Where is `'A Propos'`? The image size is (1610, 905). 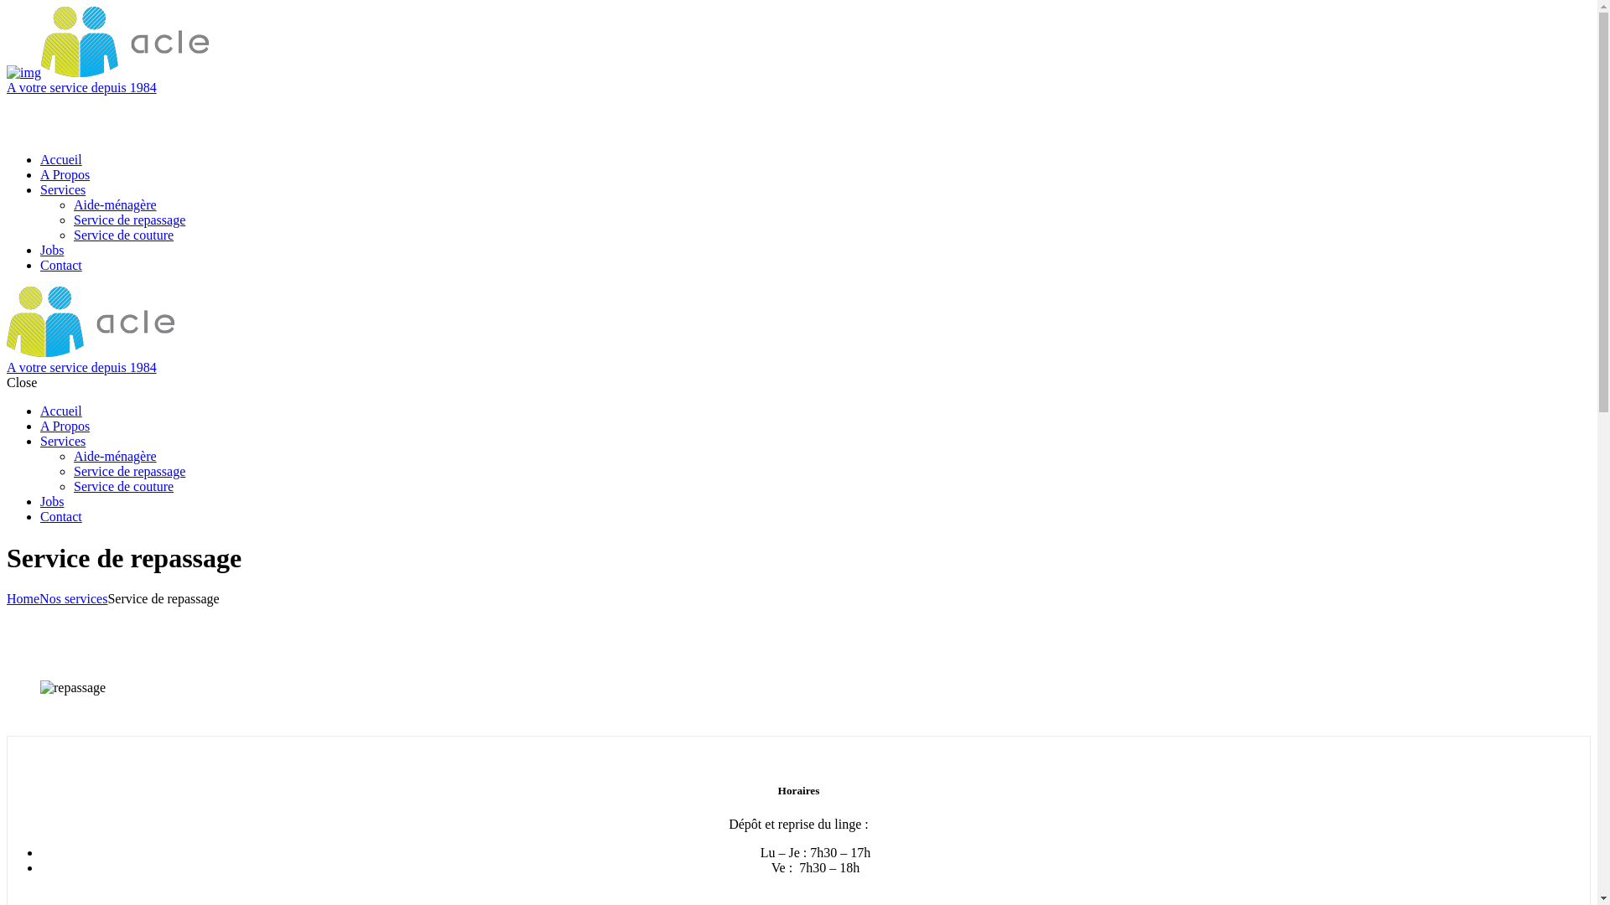 'A Propos' is located at coordinates (40, 174).